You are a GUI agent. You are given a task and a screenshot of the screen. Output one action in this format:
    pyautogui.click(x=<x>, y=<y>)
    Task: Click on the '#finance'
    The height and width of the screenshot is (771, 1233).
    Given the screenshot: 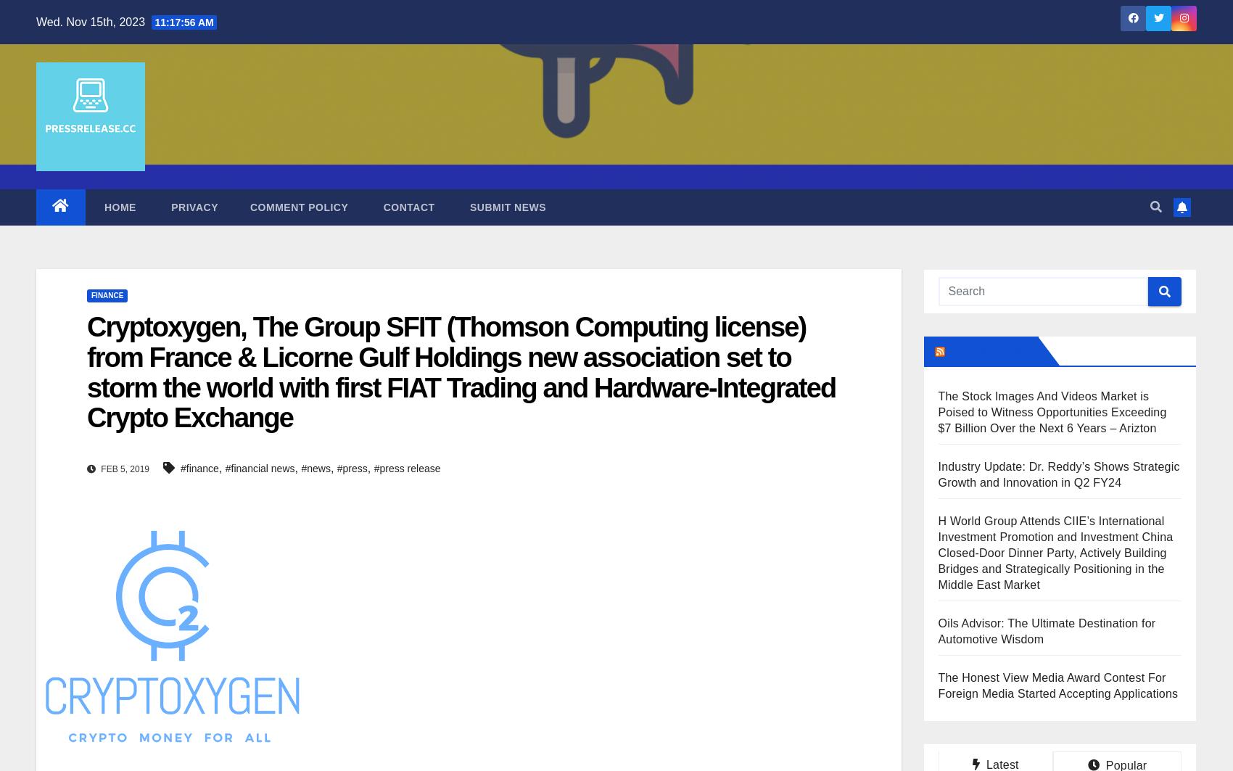 What is the action you would take?
    pyautogui.click(x=199, y=467)
    